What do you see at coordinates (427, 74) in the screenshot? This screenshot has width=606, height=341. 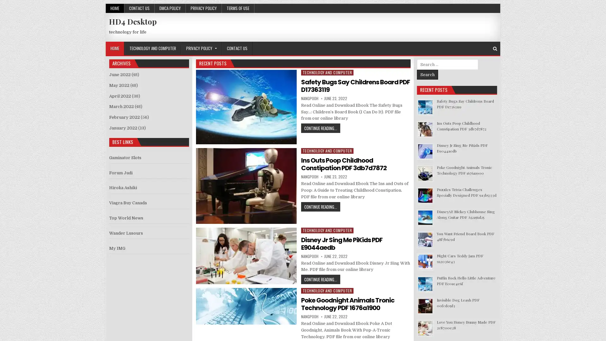 I see `Search` at bounding box center [427, 74].